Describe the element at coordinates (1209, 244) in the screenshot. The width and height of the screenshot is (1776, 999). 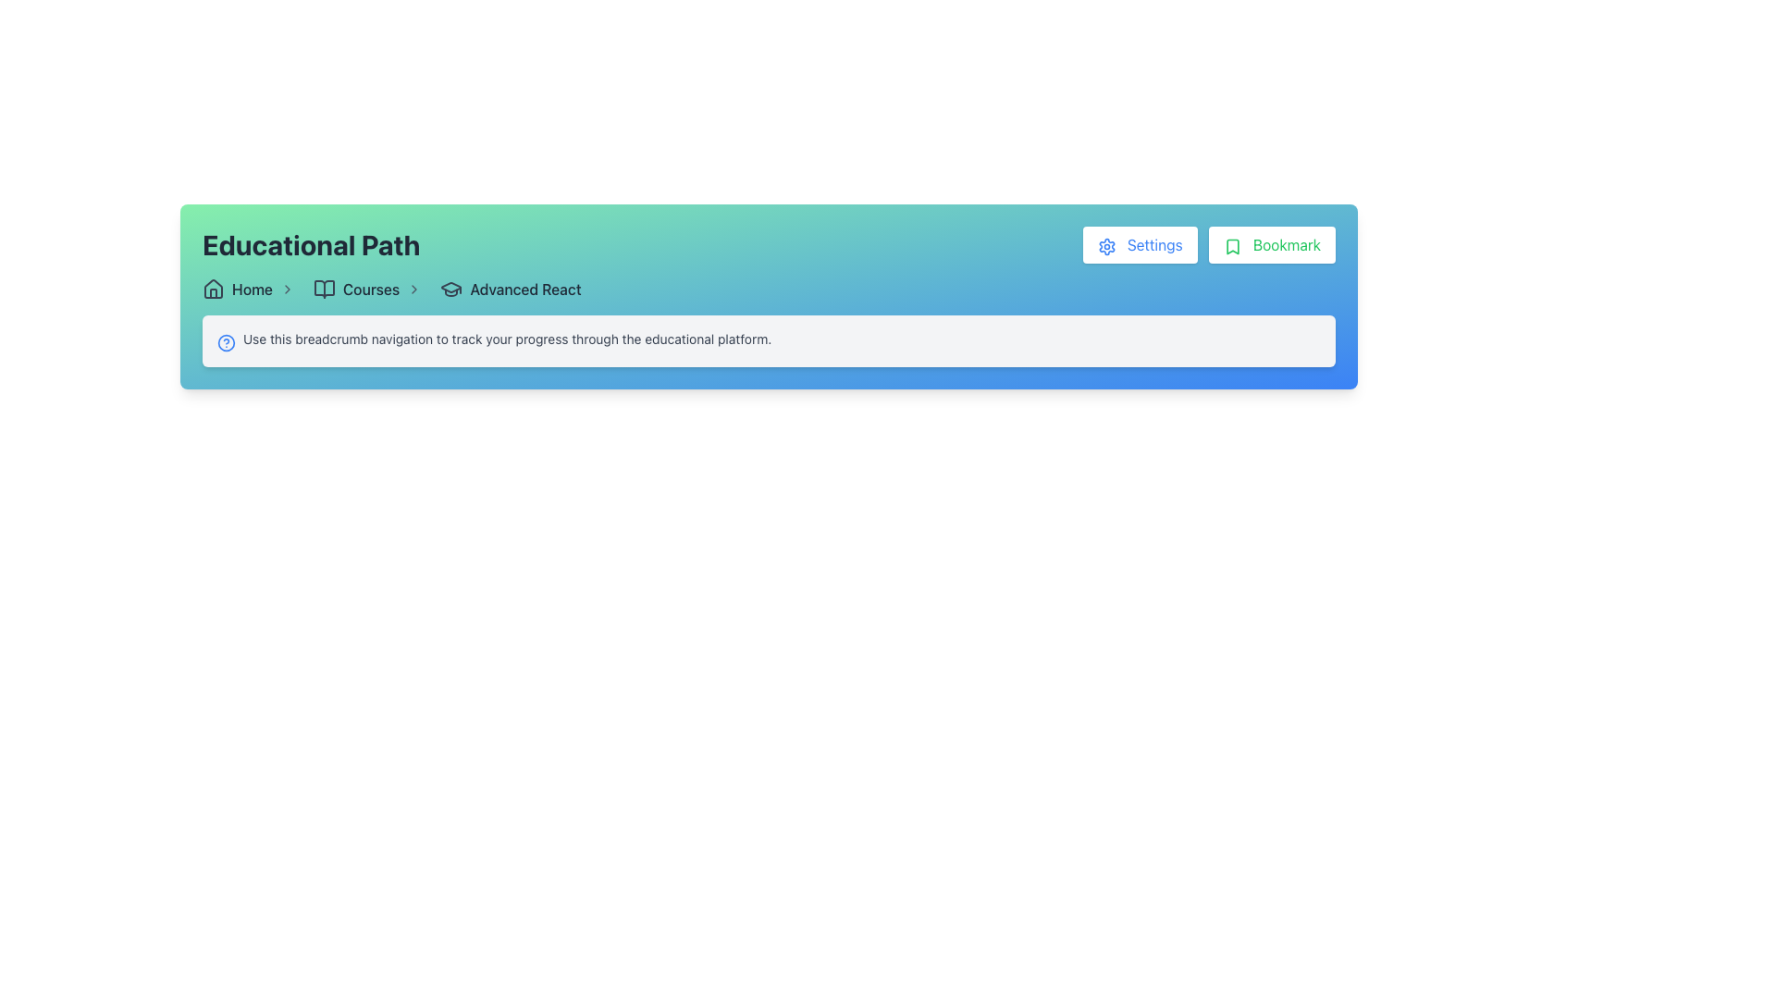
I see `the 'Settings' button in the grouped buttons section located in the top-right area of the interface` at that location.